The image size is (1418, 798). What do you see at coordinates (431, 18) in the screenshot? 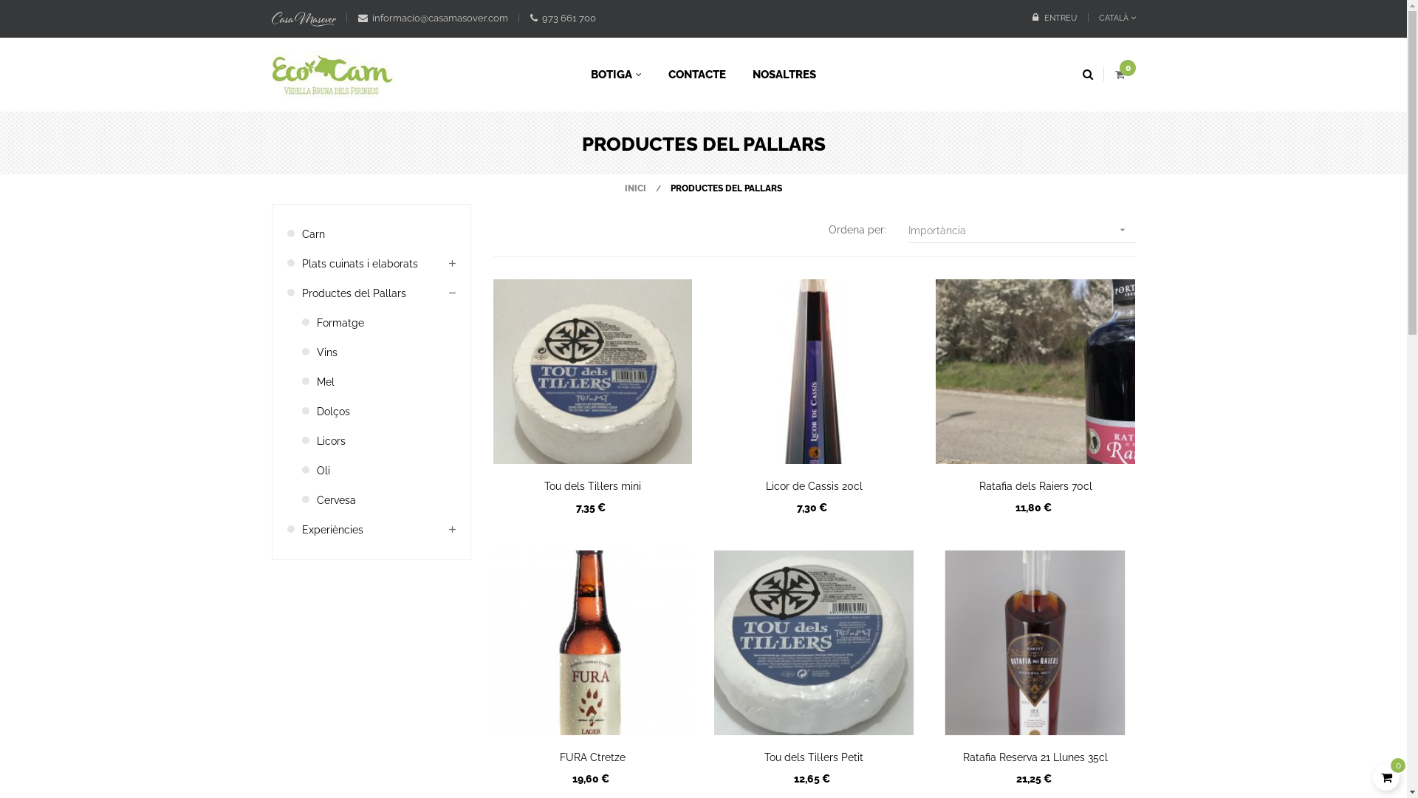
I see `'informacio@casamasover.com'` at bounding box center [431, 18].